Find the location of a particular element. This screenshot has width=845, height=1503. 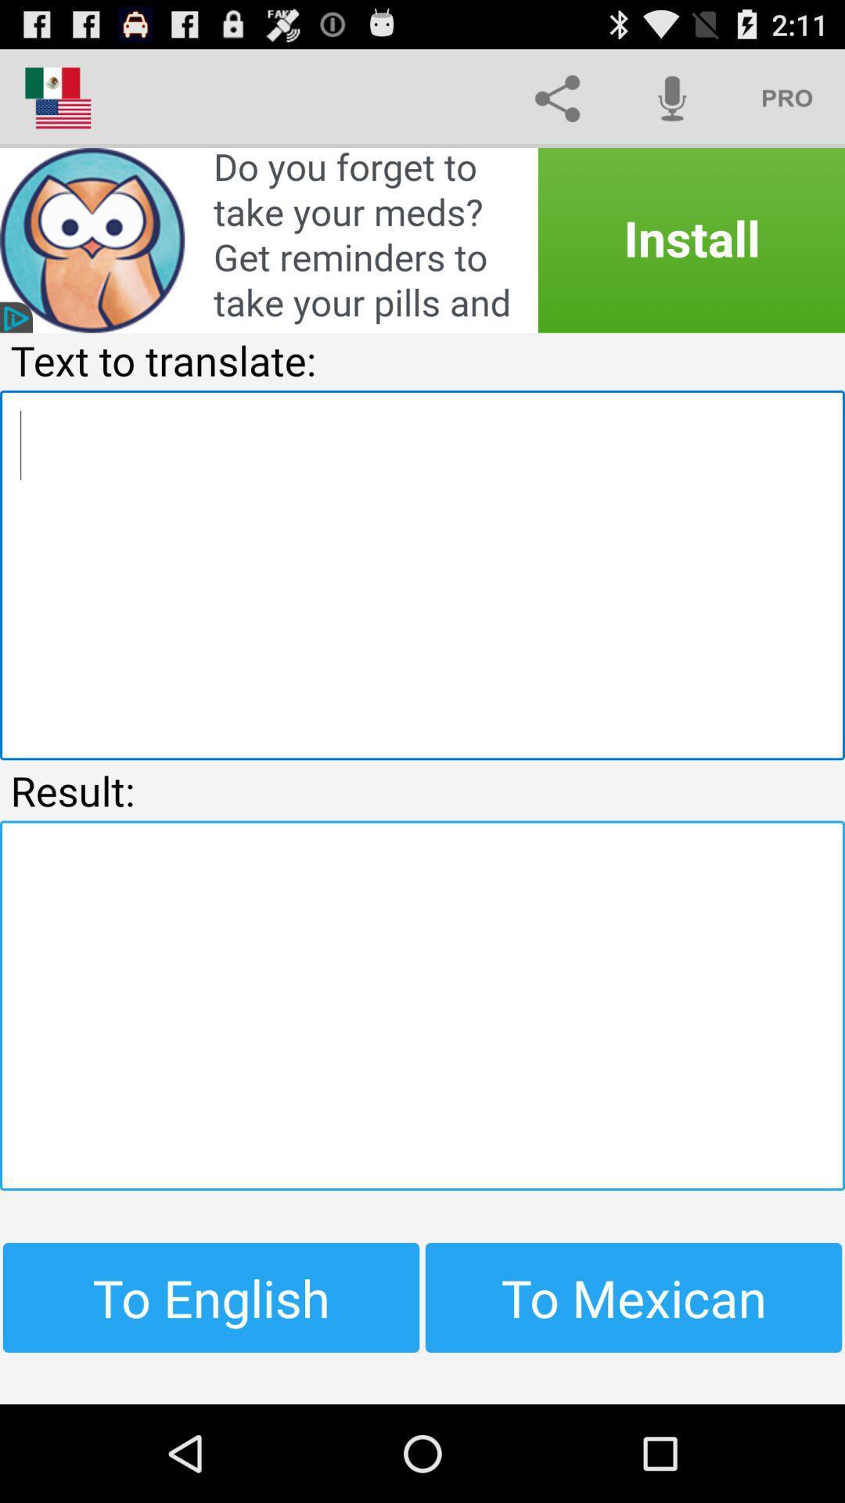

advertisement link is located at coordinates (422, 240).